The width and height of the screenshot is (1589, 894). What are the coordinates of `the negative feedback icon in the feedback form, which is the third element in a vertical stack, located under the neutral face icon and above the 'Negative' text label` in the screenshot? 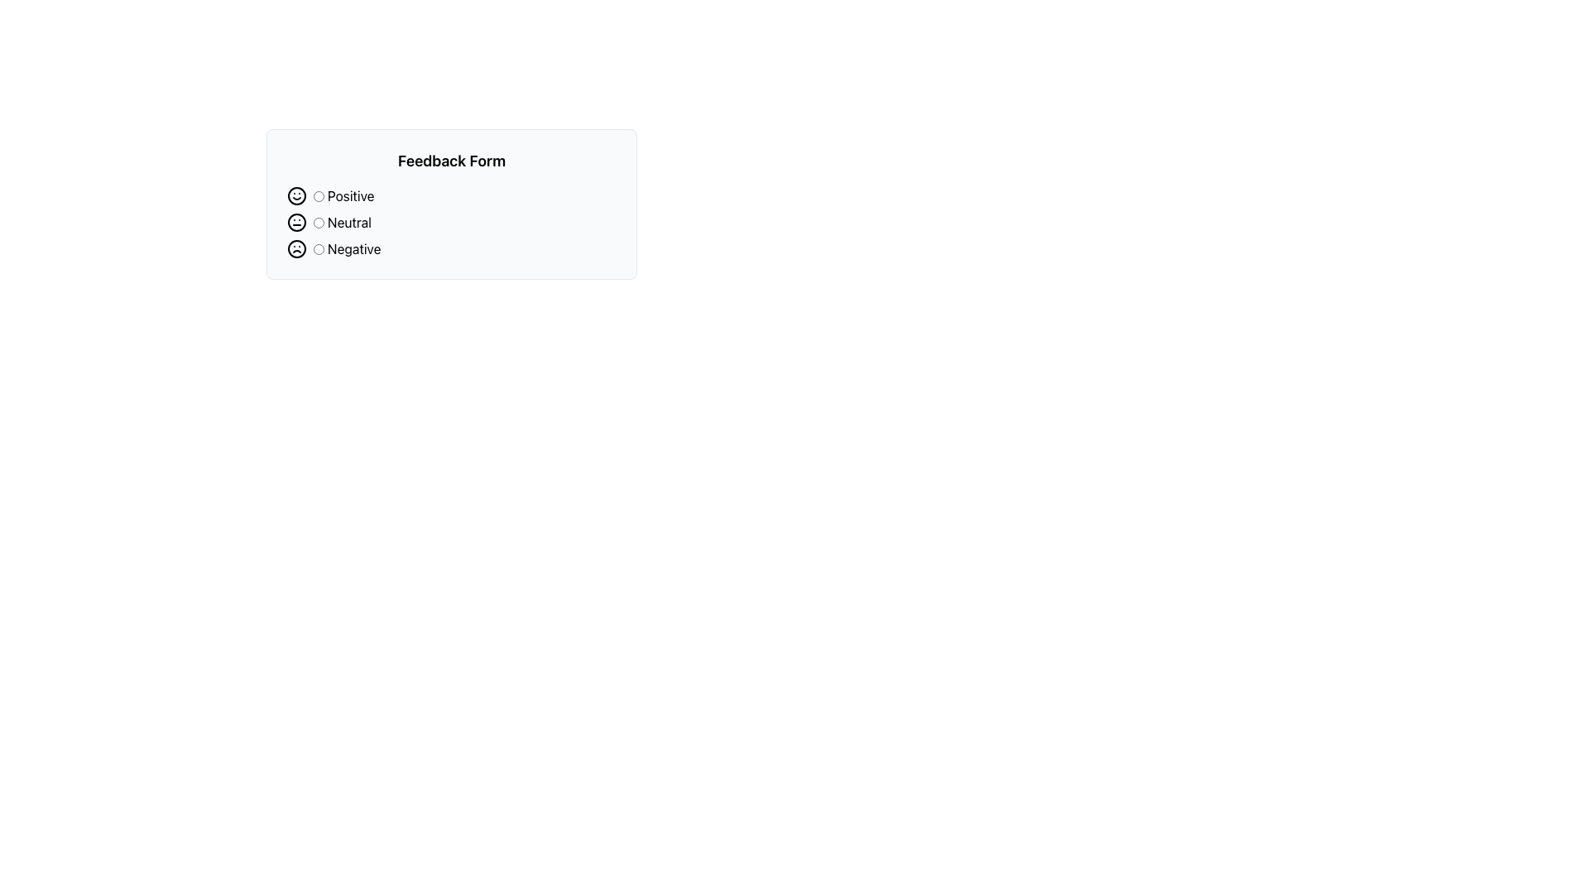 It's located at (297, 248).